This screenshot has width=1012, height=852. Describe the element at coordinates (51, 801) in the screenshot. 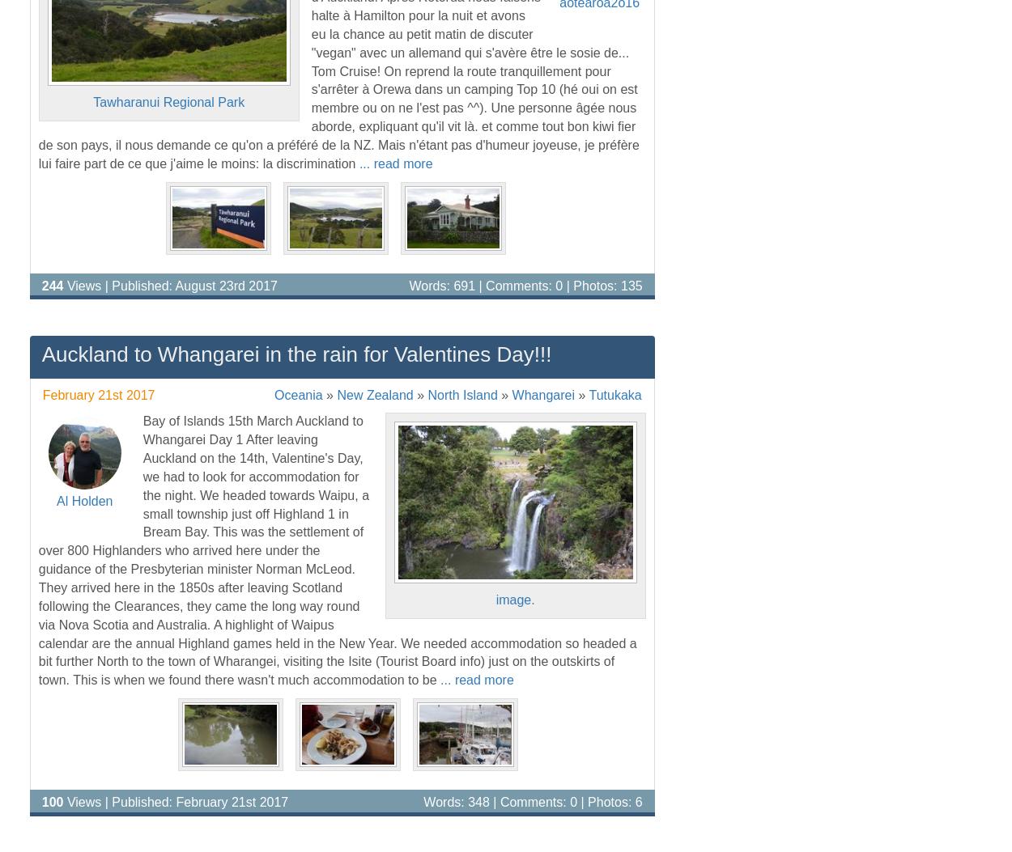

I see `'100'` at that location.